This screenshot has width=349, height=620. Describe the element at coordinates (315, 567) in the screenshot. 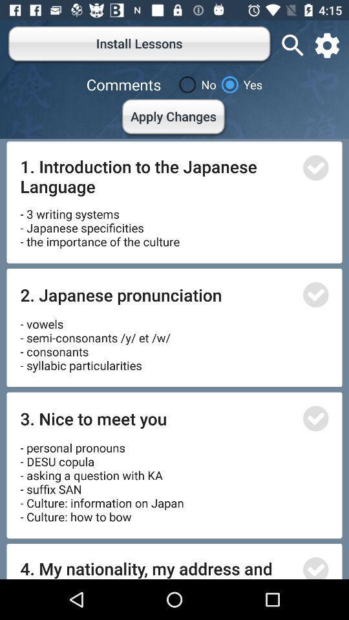

I see `choose subject` at that location.